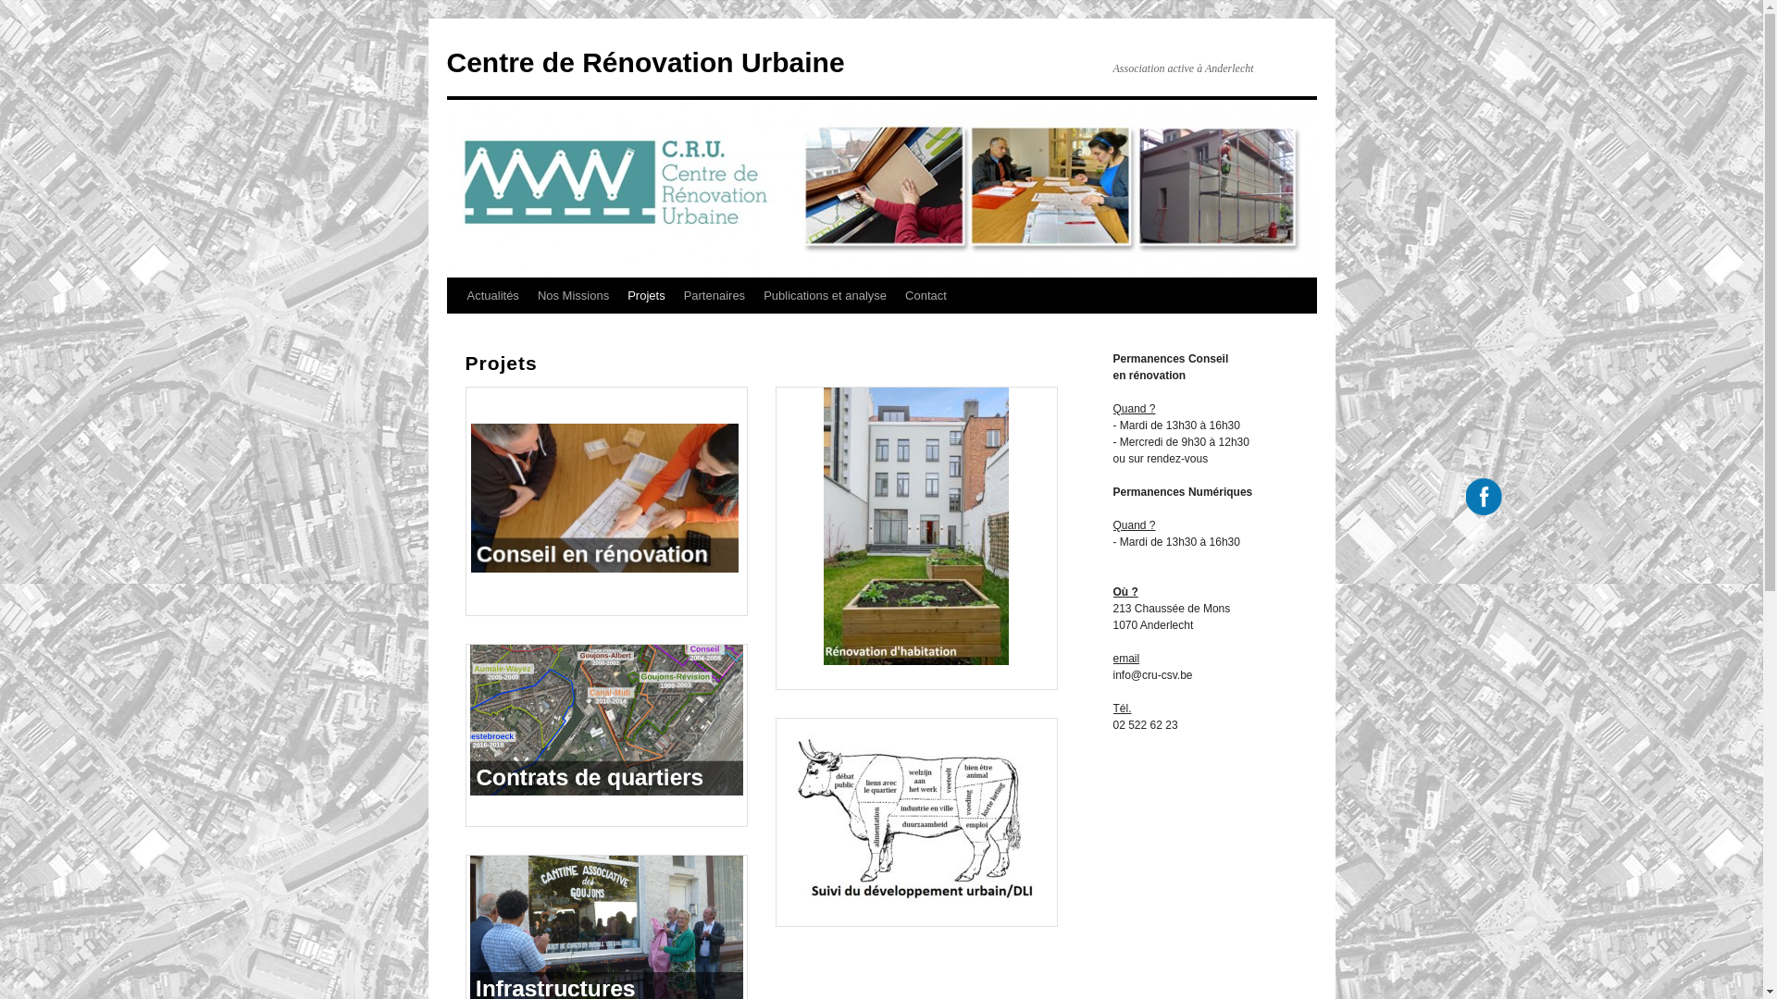 Image resolution: width=1777 pixels, height=999 pixels. What do you see at coordinates (754, 295) in the screenshot?
I see `'Publications et analyse'` at bounding box center [754, 295].